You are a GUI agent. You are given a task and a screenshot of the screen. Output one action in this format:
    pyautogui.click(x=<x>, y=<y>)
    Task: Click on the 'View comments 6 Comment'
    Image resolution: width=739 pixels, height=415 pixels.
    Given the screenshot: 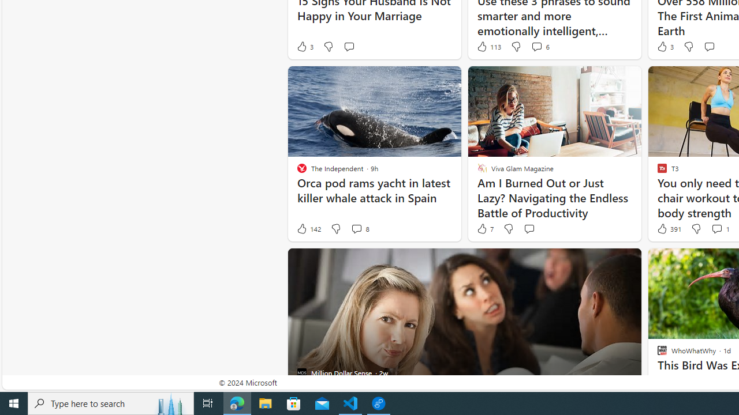 What is the action you would take?
    pyautogui.click(x=539, y=46)
    